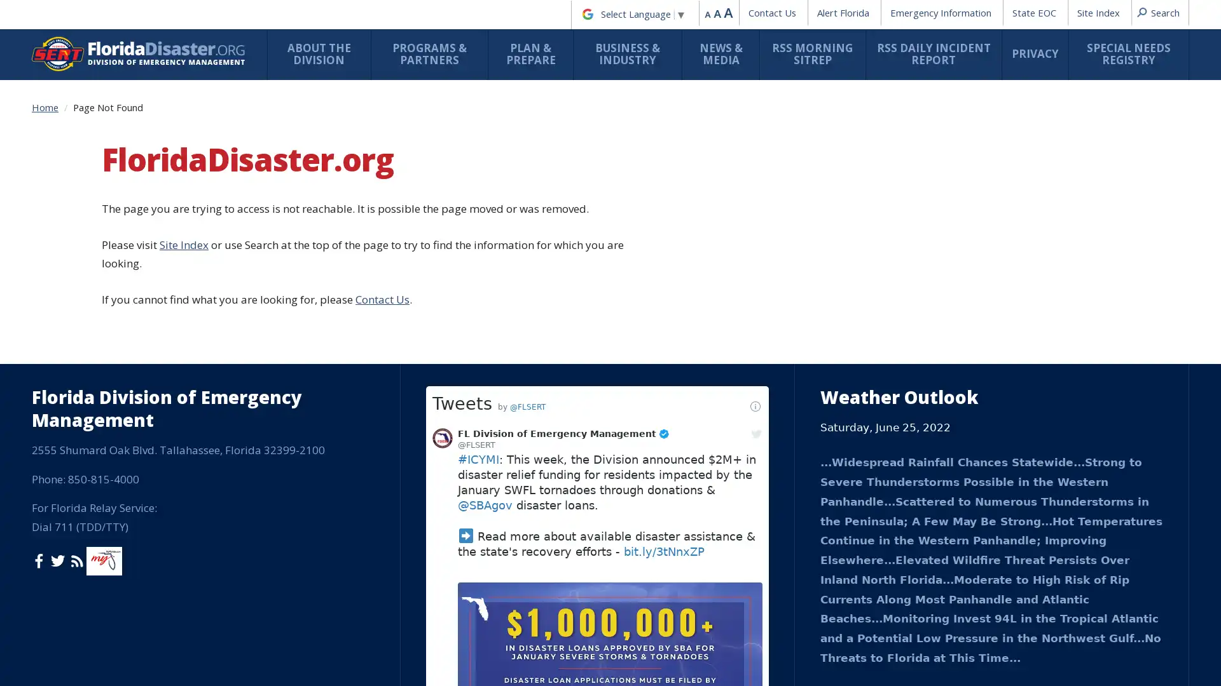 The width and height of the screenshot is (1221, 686). What do you see at coordinates (509, 600) in the screenshot?
I see `Toggle More` at bounding box center [509, 600].